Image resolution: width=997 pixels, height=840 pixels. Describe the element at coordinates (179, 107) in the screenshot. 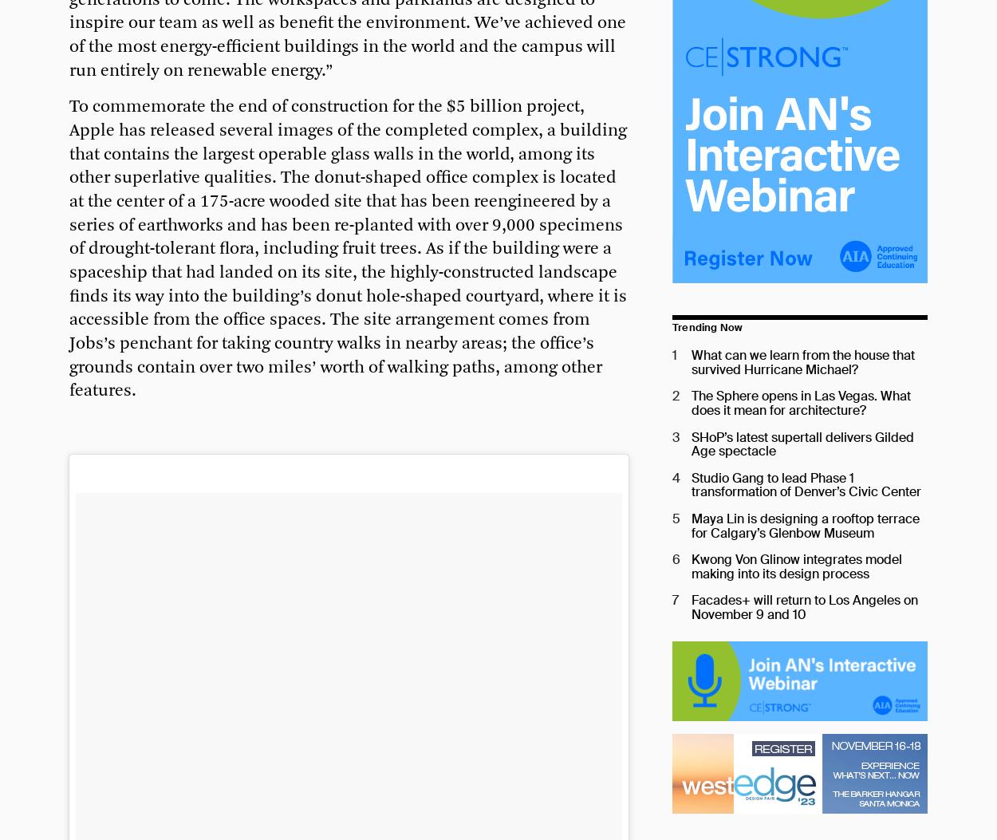

I see `'To commemorate the end of'` at that location.